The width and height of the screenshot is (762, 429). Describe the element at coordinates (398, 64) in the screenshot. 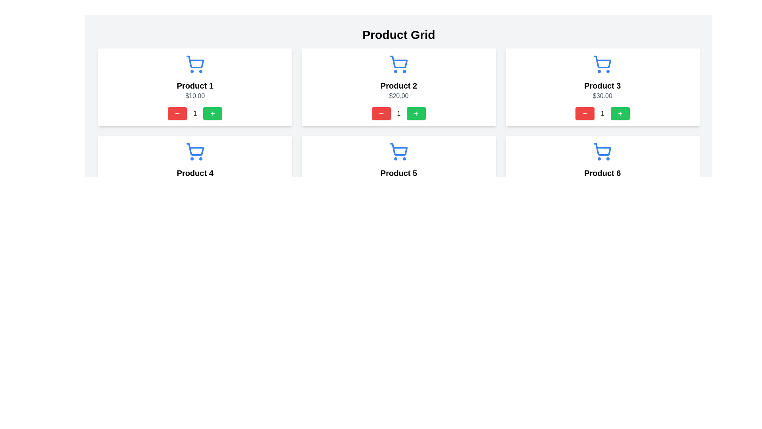

I see `the shopping cart icon located at the top center of the card labeled 'Product 2', which is depicted in a sleek blue design` at that location.